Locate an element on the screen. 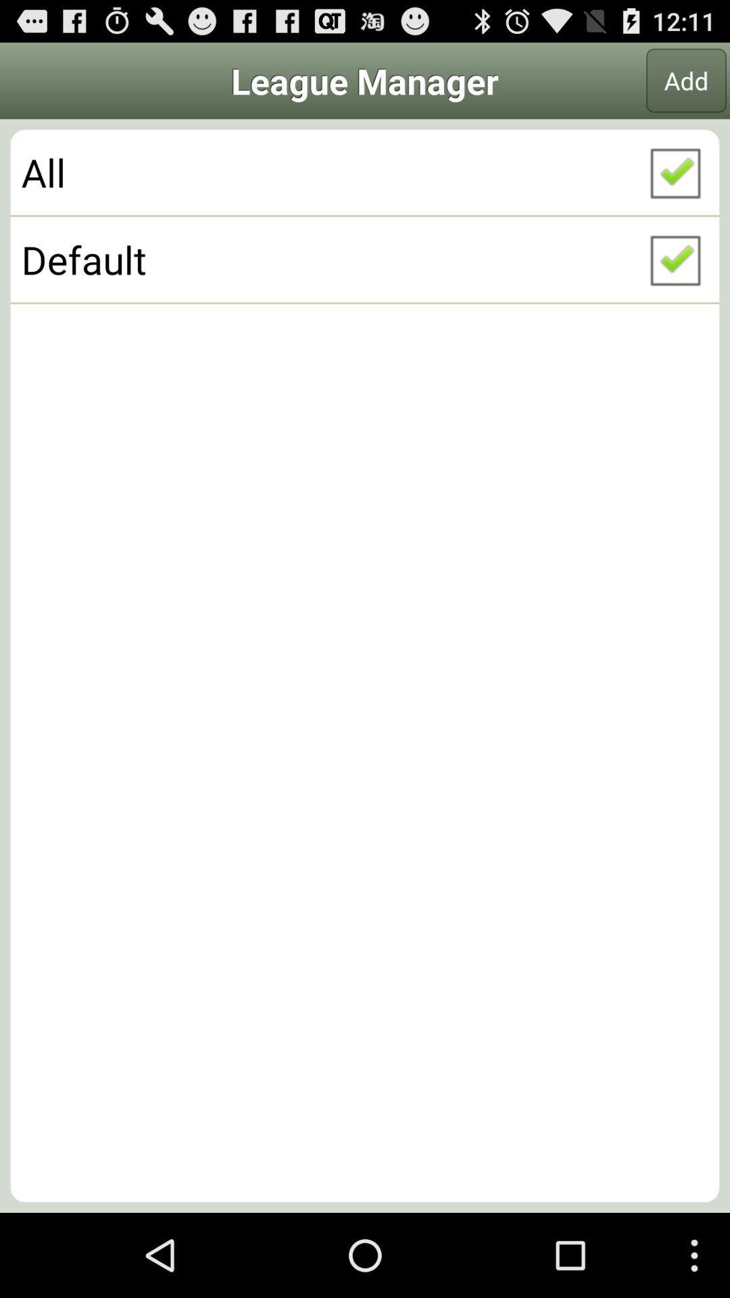 The image size is (730, 1298). the icon above the default checkbox is located at coordinates (365, 171).